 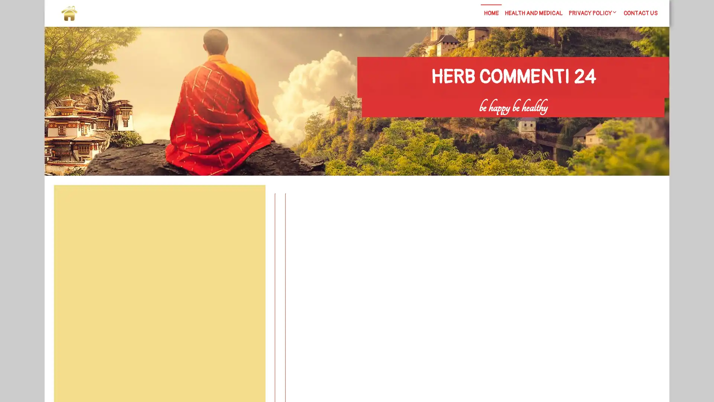 I want to click on Search, so click(x=579, y=122).